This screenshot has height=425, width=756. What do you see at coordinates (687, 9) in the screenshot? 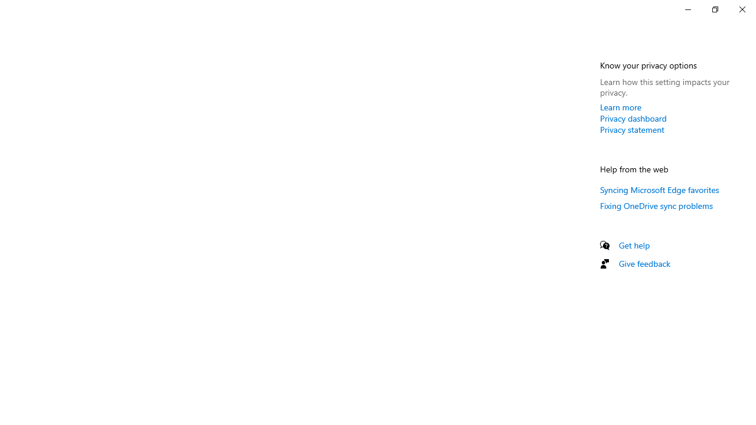
I see `'Minimize Settings'` at bounding box center [687, 9].